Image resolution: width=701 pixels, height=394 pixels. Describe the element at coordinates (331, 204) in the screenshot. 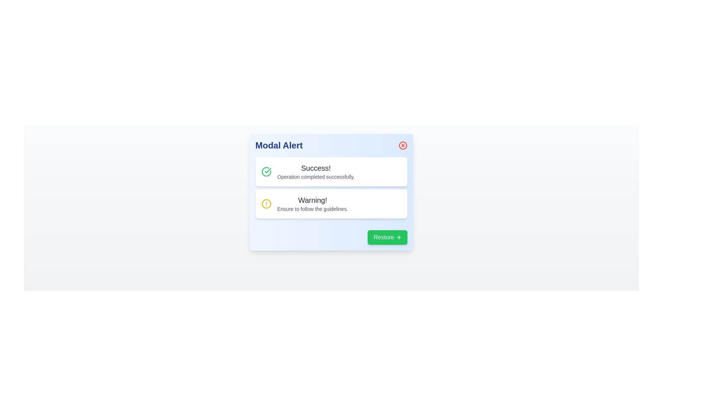

I see `the Notification box with bold text 'Warning!' and instructional text 'Ensure to follow the guidelines.'` at that location.